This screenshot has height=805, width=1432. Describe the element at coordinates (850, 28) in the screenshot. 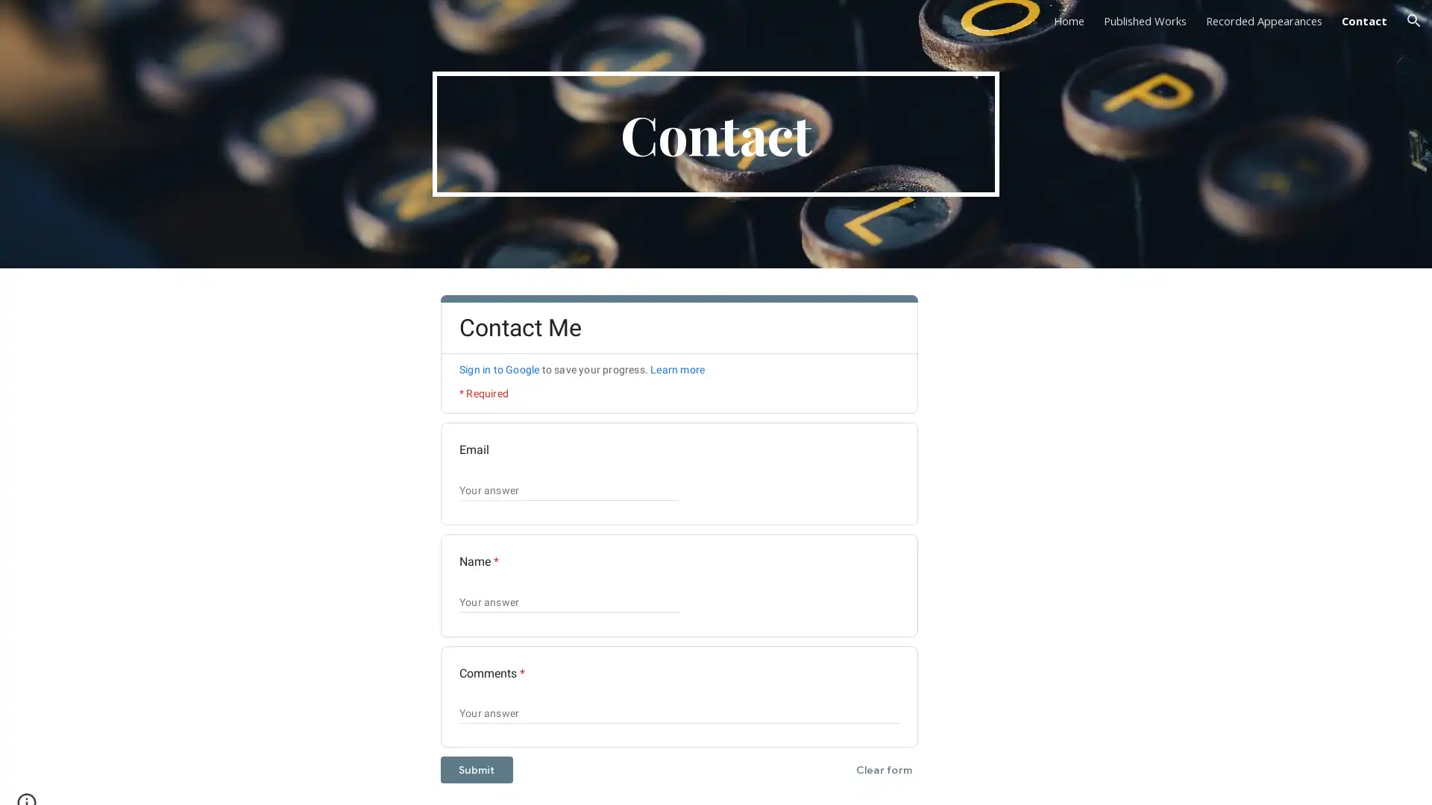

I see `Skip to navigation` at that location.